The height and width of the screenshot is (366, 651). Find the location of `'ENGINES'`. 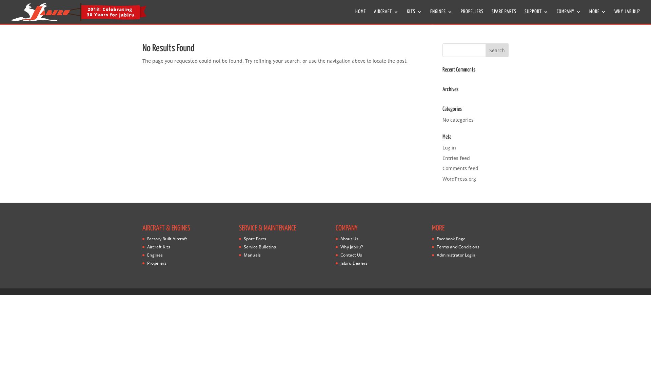

'ENGINES' is located at coordinates (441, 16).